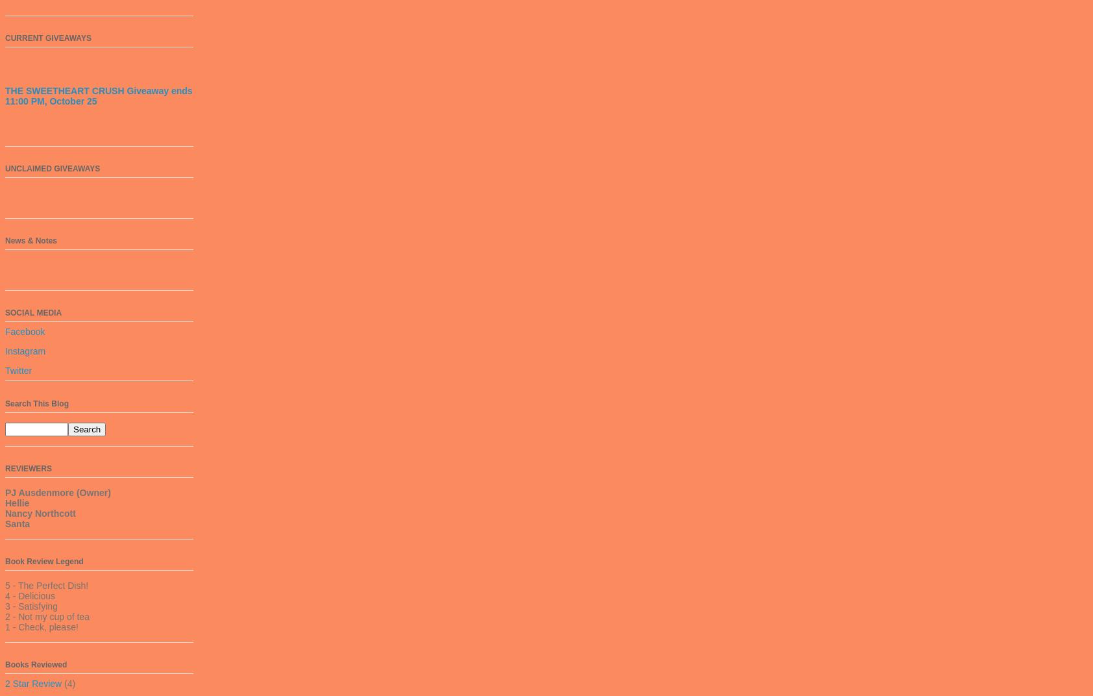 This screenshot has height=696, width=1093. I want to click on '3   - Satisfying', so click(30, 605).